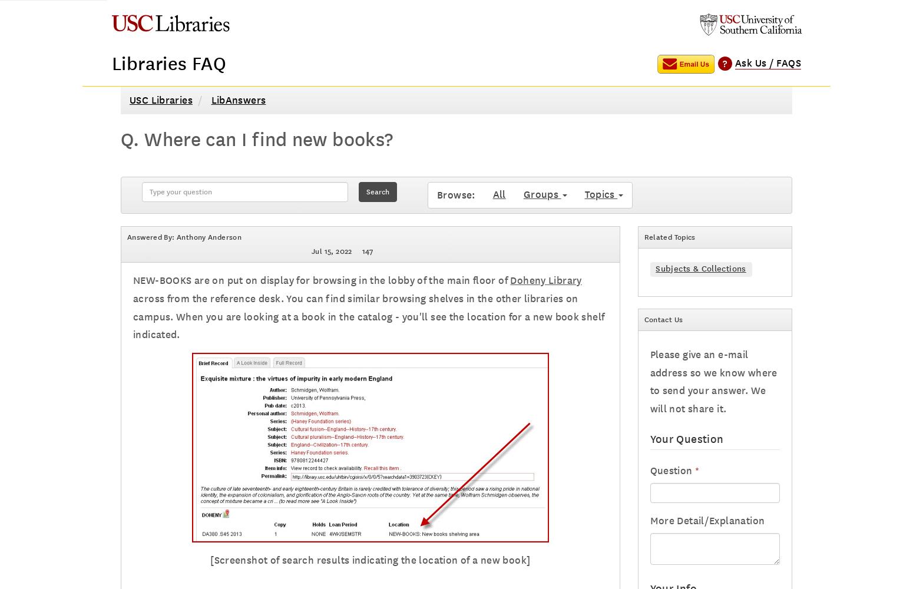  Describe the element at coordinates (13, 9) in the screenshot. I see `'Home'` at that location.